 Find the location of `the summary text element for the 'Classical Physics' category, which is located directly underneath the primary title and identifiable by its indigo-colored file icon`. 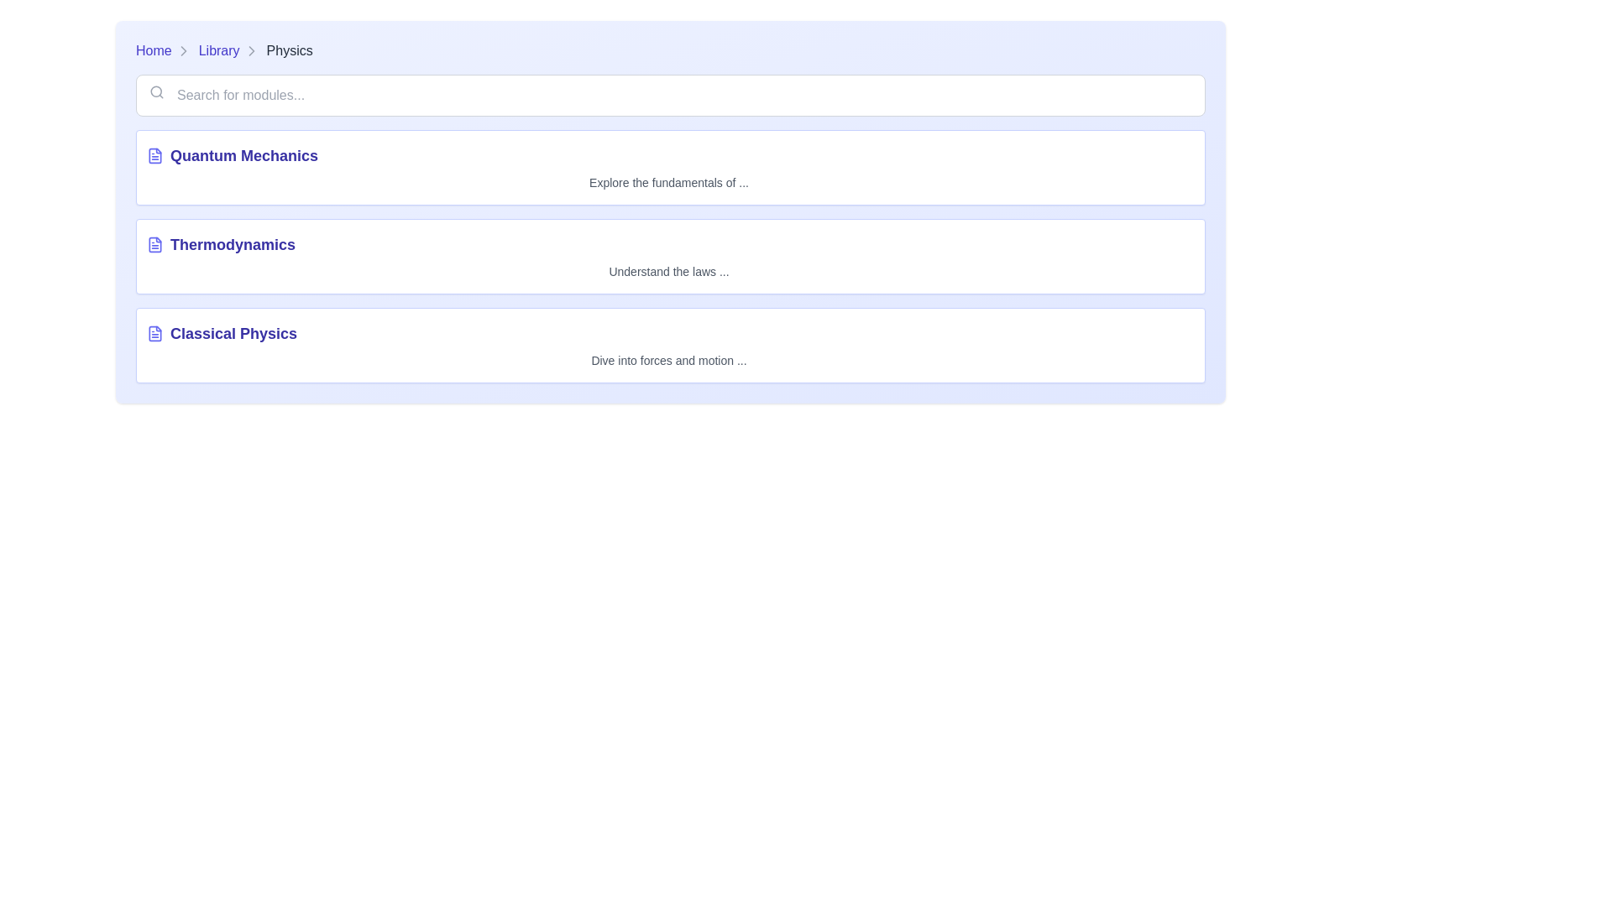

the summary text element for the 'Classical Physics' category, which is located directly underneath the primary title and identifiable by its indigo-colored file icon is located at coordinates (667, 359).